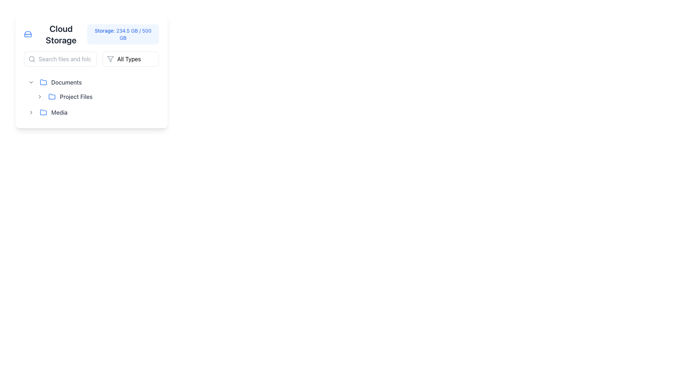 The image size is (689, 387). What do you see at coordinates (59, 112) in the screenshot?
I see `the text label displaying 'Media', which is dark gray and part of a vertical layout` at bounding box center [59, 112].